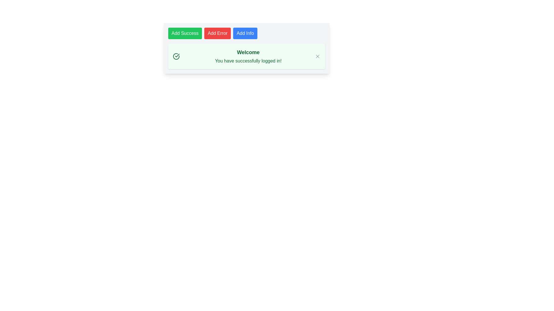  Describe the element at coordinates (248, 61) in the screenshot. I see `the text label displaying 'You have successfully logged in!' which is located within a light green message box, positioned below the bold 'Welcome' title` at that location.